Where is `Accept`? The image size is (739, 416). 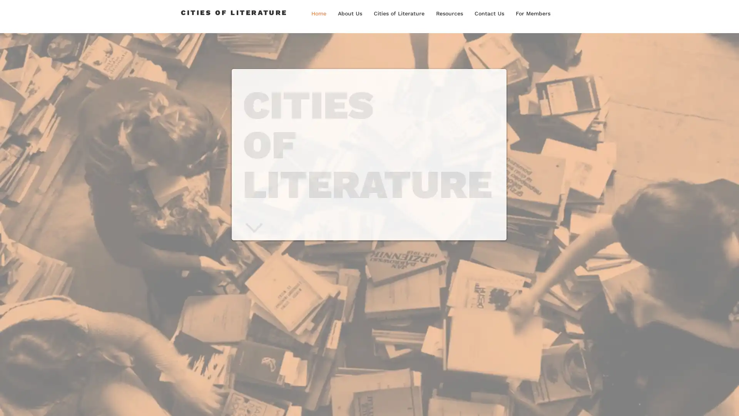 Accept is located at coordinates (704, 402).